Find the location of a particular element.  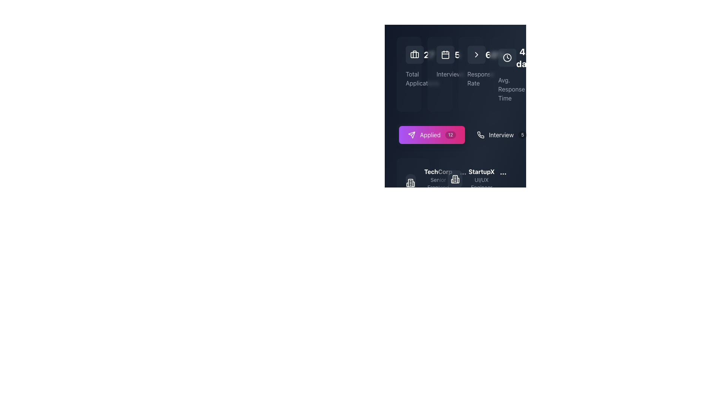

the decorative UI component within the briefcase icon located at the top-left corner of the grid displaying summarized statistics is located at coordinates (414, 54).